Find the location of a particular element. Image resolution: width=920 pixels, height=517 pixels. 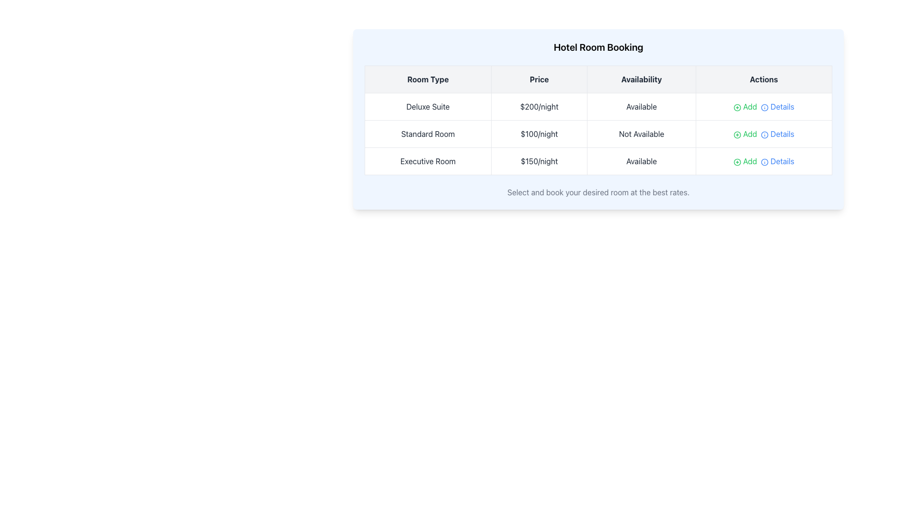

the 'Add' and 'Details' components of the Combined button in the 'Actions' column of the second row in the 'Hotel Room Booking' interface is located at coordinates (763, 134).